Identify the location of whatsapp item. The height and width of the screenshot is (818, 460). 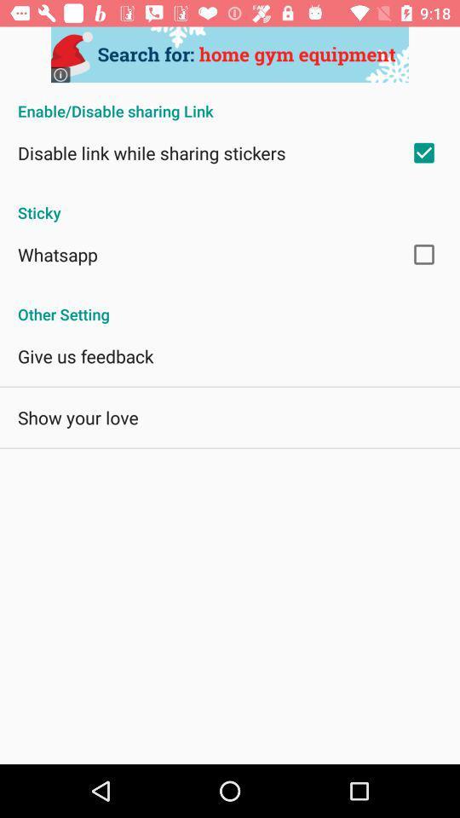
(57, 253).